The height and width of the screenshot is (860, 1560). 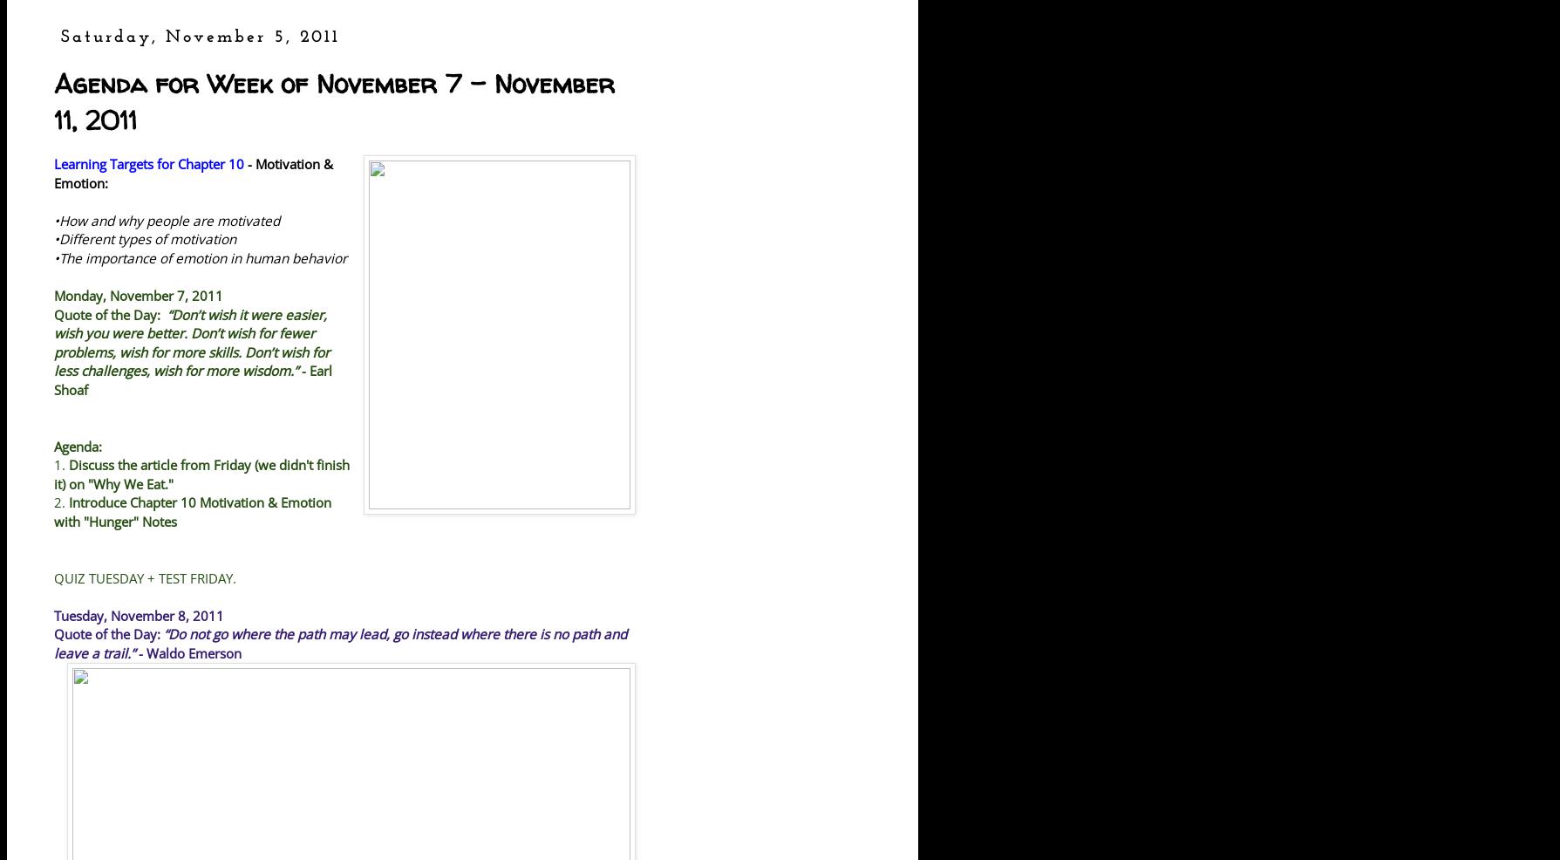 What do you see at coordinates (193, 380) in the screenshot?
I see `'- Earl Shoaf'` at bounding box center [193, 380].